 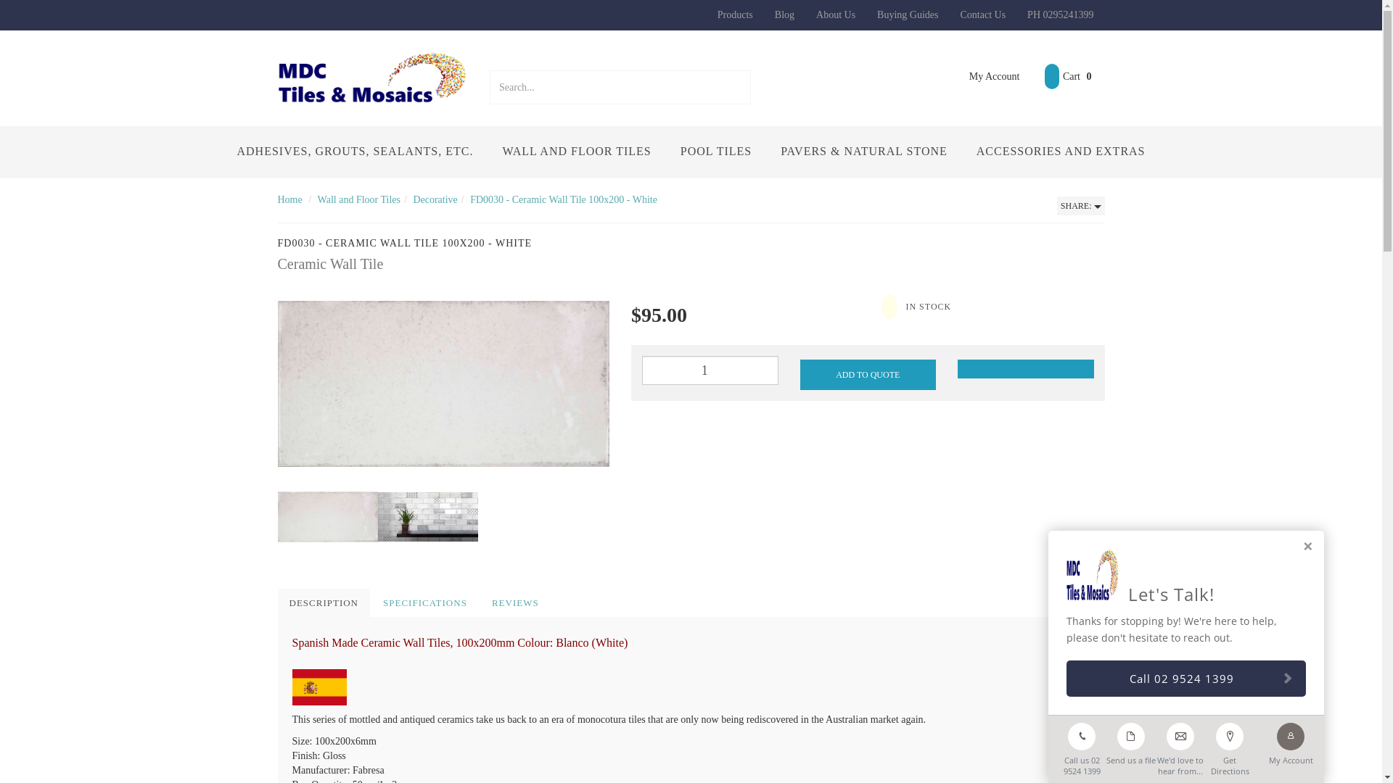 What do you see at coordinates (355, 152) in the screenshot?
I see `'ADHESIVES, GROUTS, SEALANTS, ETC.'` at bounding box center [355, 152].